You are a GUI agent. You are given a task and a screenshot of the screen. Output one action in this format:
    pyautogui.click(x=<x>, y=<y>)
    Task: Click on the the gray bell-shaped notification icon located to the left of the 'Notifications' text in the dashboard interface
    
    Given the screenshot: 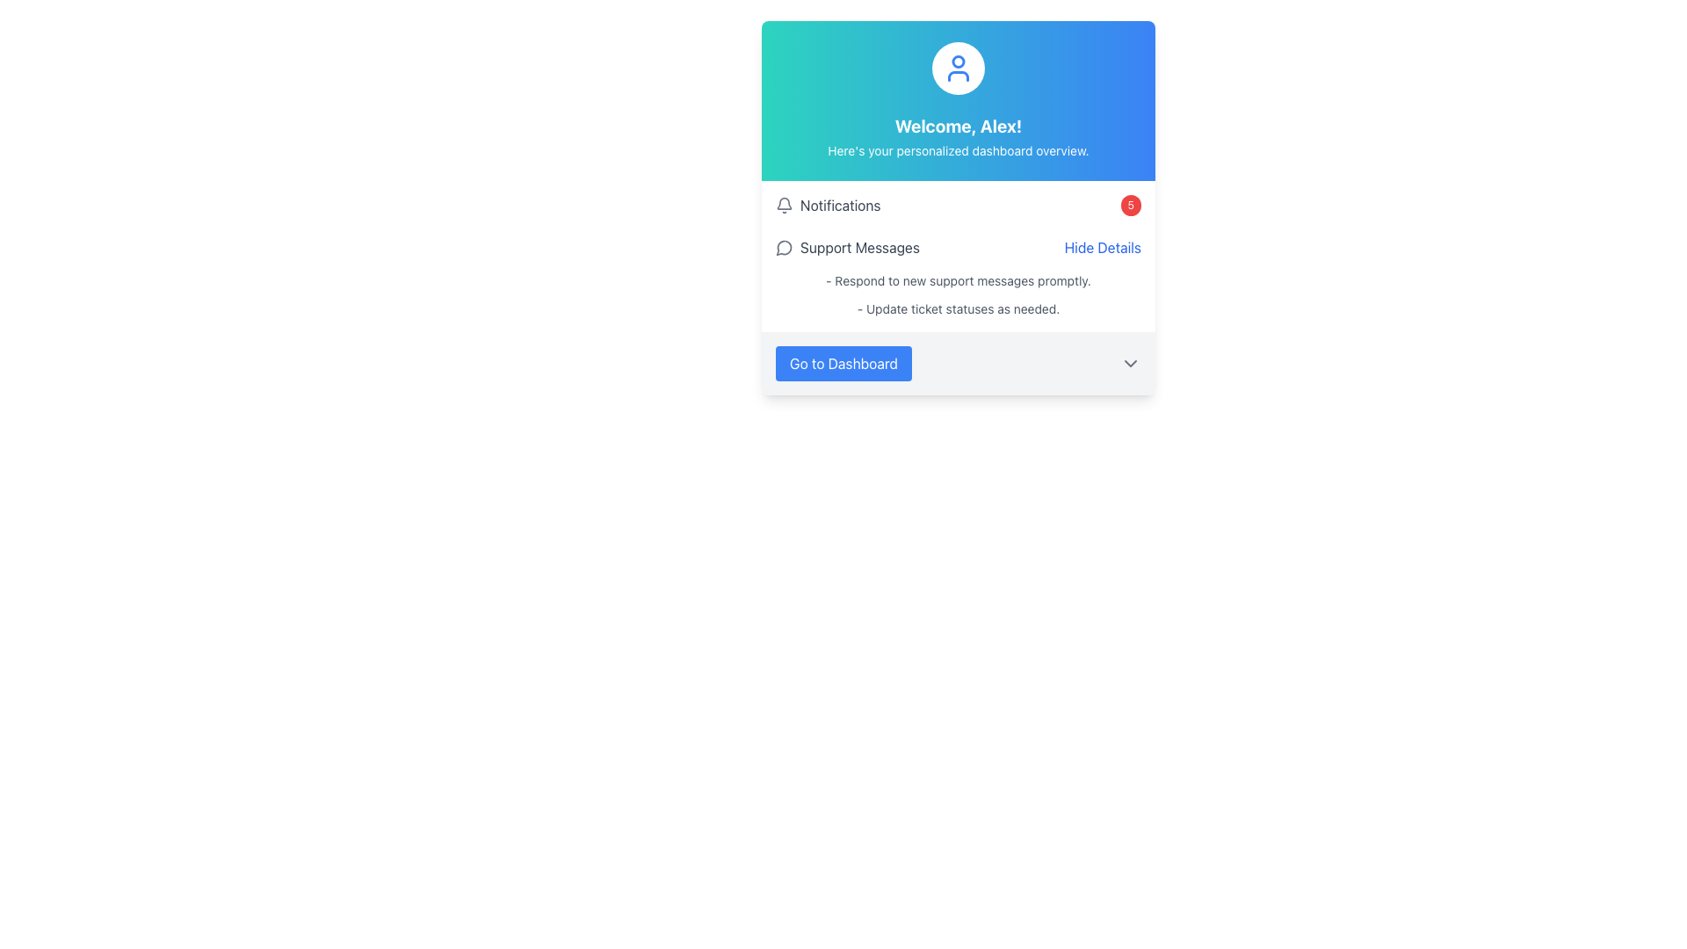 What is the action you would take?
    pyautogui.click(x=783, y=205)
    